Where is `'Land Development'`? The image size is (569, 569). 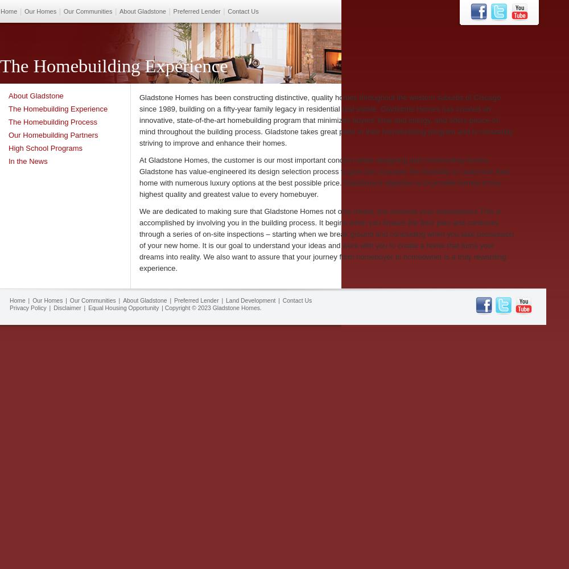
'Land Development' is located at coordinates (250, 300).